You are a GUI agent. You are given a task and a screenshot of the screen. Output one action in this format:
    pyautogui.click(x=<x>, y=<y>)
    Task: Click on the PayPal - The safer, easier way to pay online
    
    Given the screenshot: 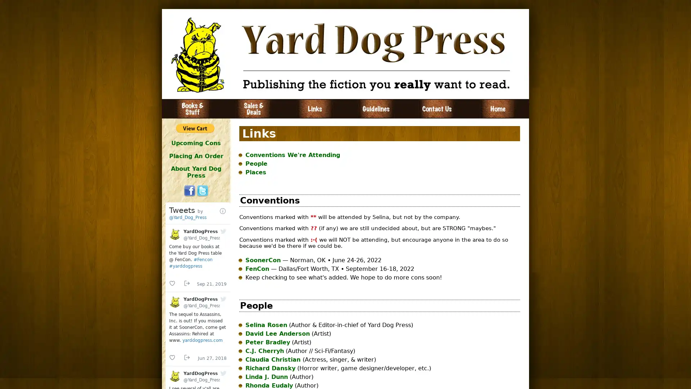 What is the action you would take?
    pyautogui.click(x=195, y=128)
    